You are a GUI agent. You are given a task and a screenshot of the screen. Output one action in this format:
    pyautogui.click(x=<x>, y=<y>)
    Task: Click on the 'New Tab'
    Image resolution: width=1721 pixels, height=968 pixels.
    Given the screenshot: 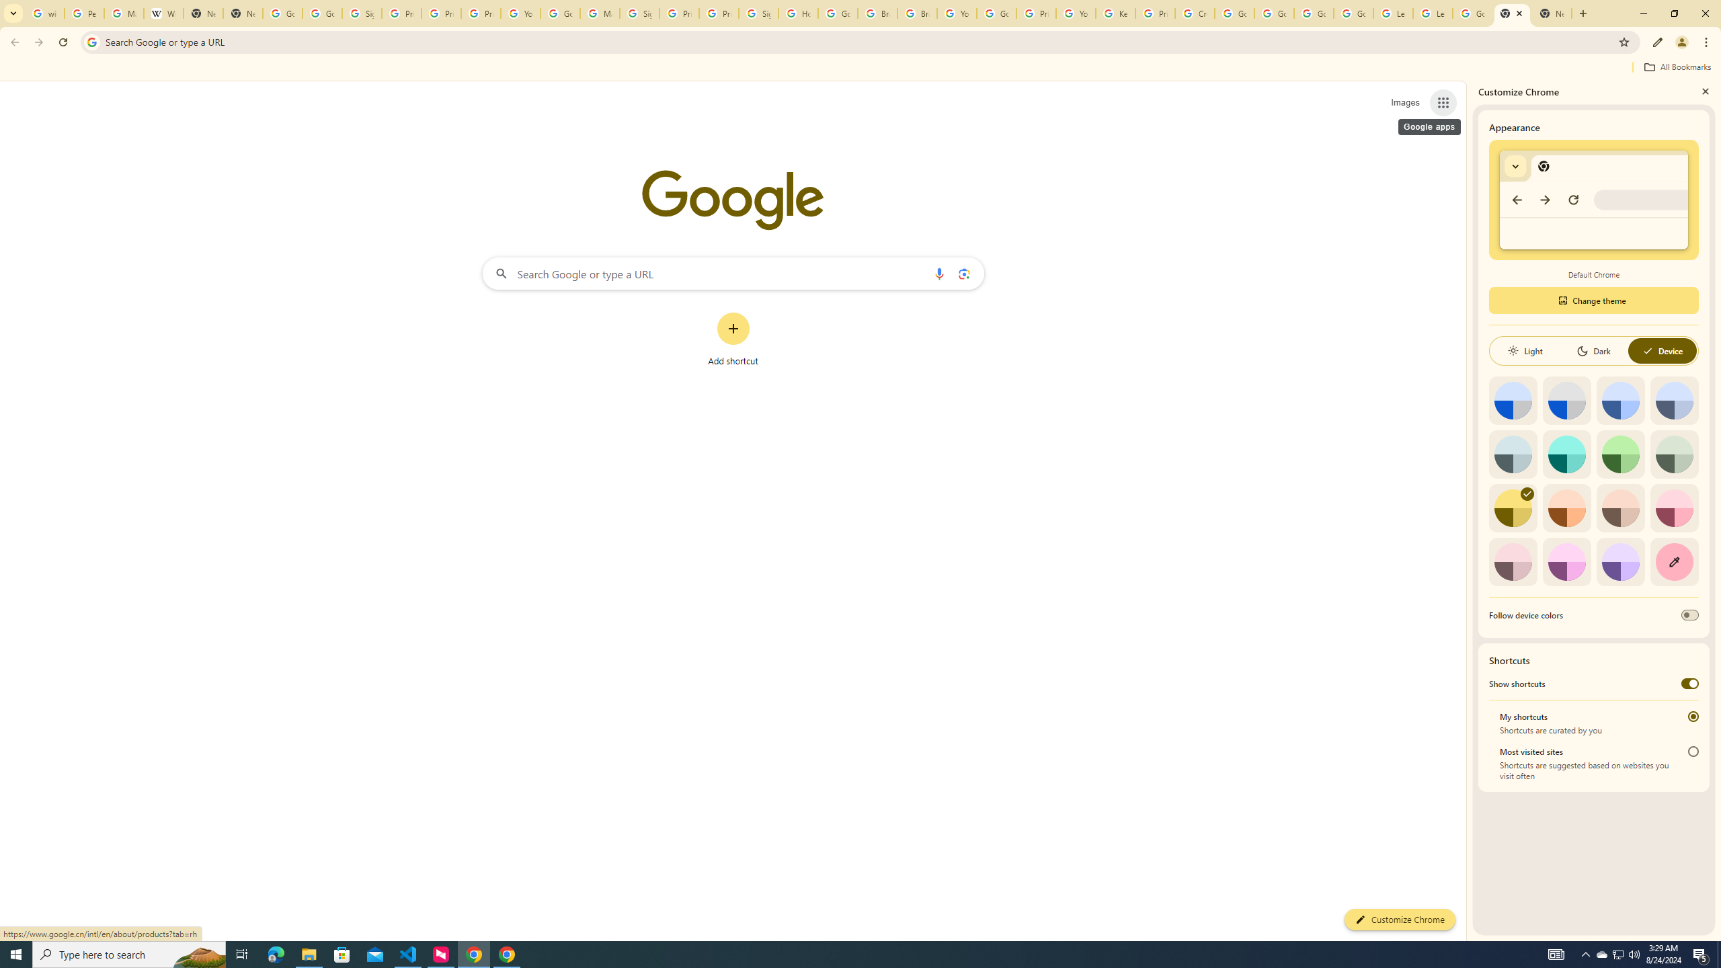 What is the action you would take?
    pyautogui.click(x=1552, y=13)
    